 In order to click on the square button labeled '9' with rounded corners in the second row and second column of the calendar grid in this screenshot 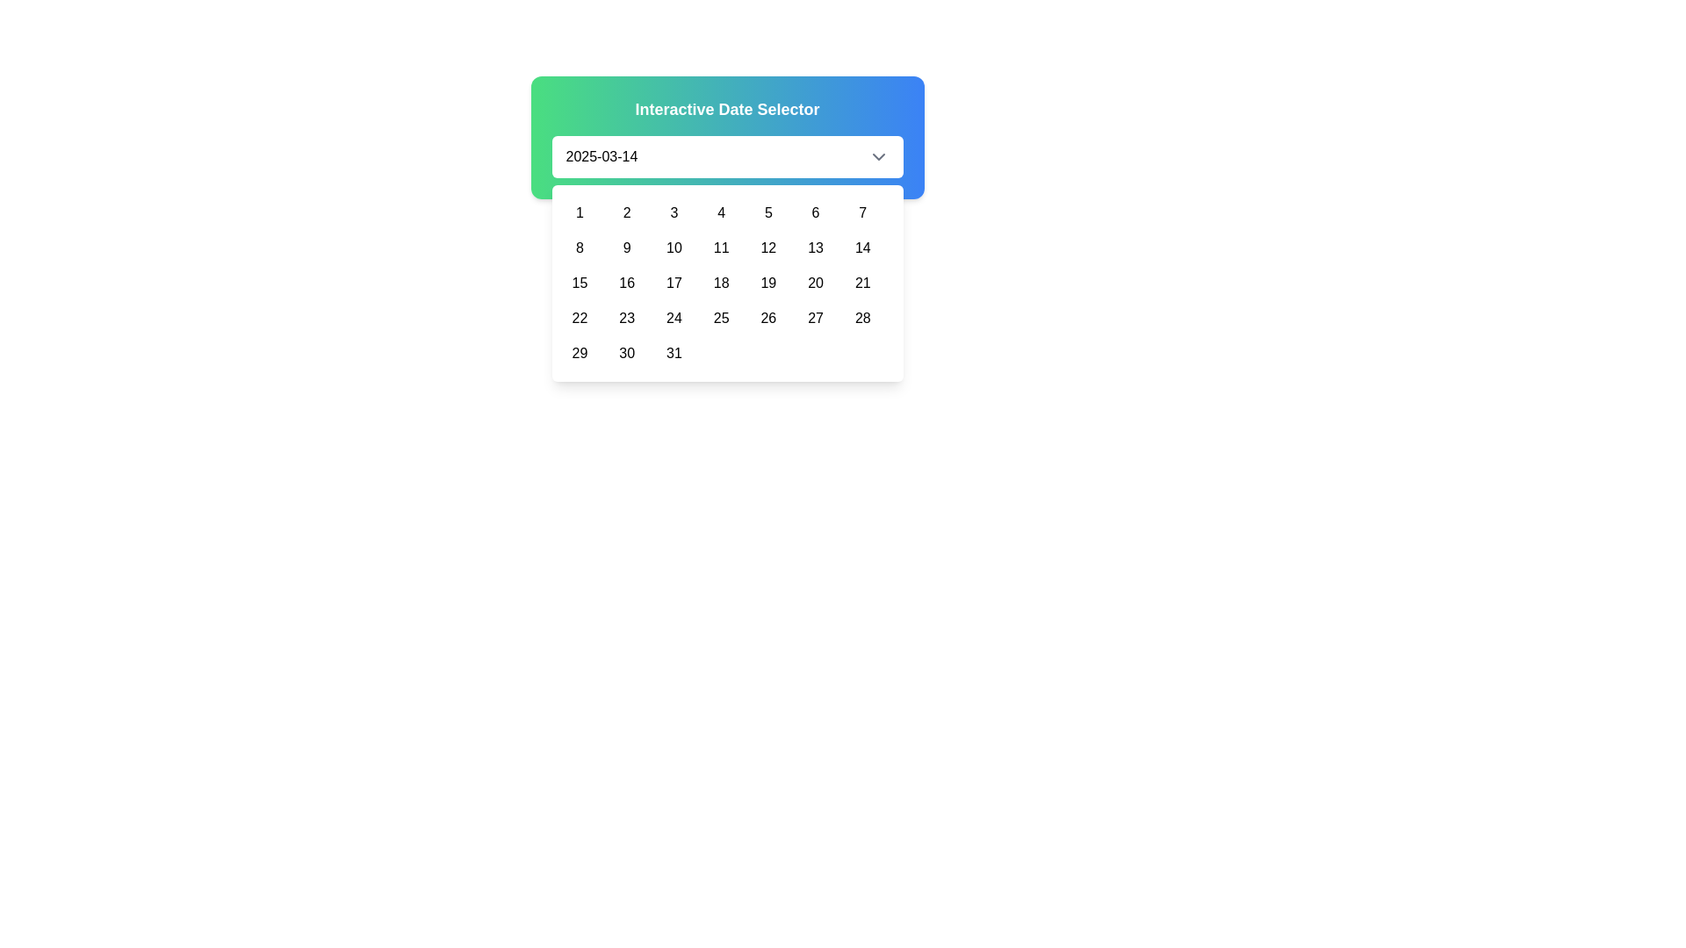, I will do `click(627, 248)`.